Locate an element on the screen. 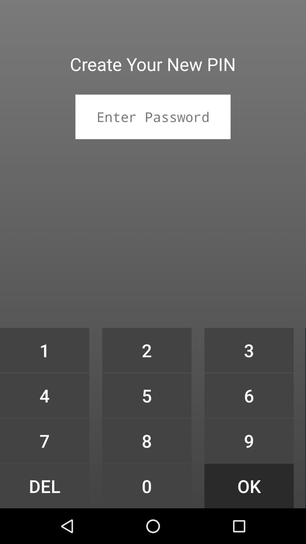 This screenshot has width=306, height=544. the del icon is located at coordinates (44, 486).